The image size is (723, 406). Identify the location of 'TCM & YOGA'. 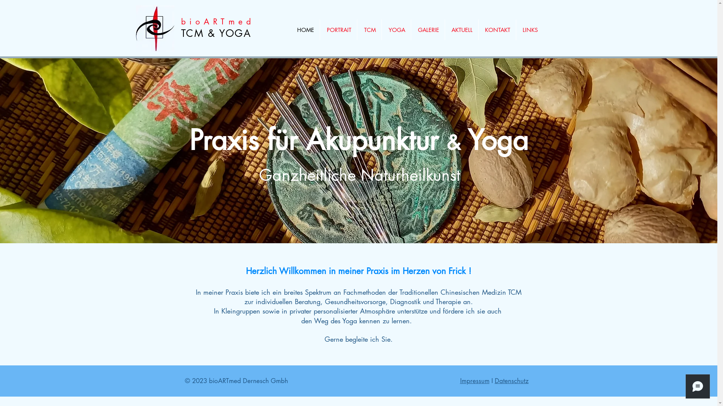
(215, 33).